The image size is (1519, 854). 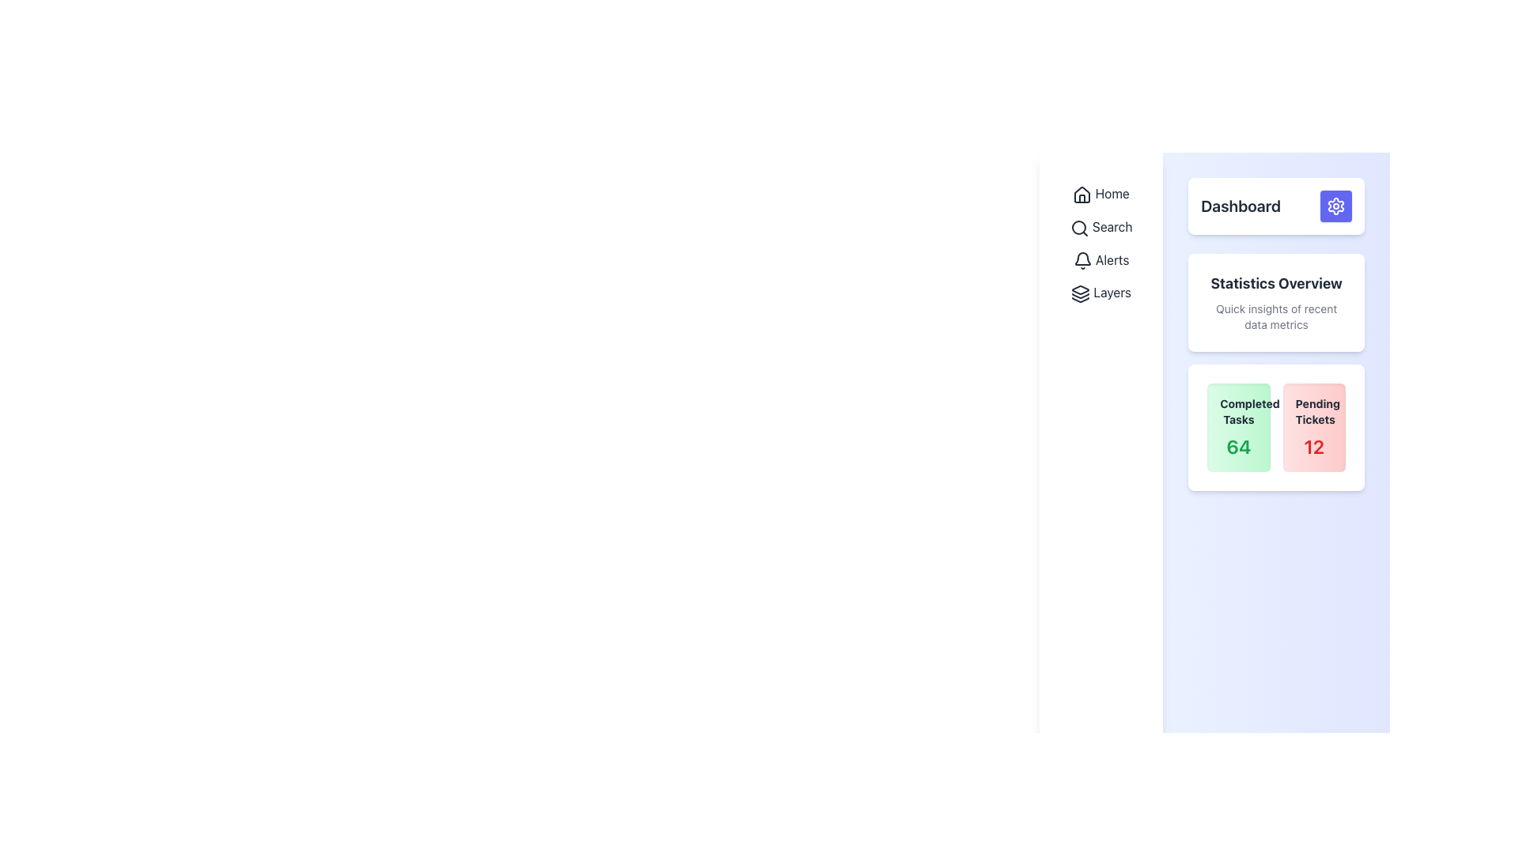 What do you see at coordinates (1081, 260) in the screenshot?
I see `the bell icon located in the navigation panel on the left-hand side, which provides access to alert or notification-related features` at bounding box center [1081, 260].